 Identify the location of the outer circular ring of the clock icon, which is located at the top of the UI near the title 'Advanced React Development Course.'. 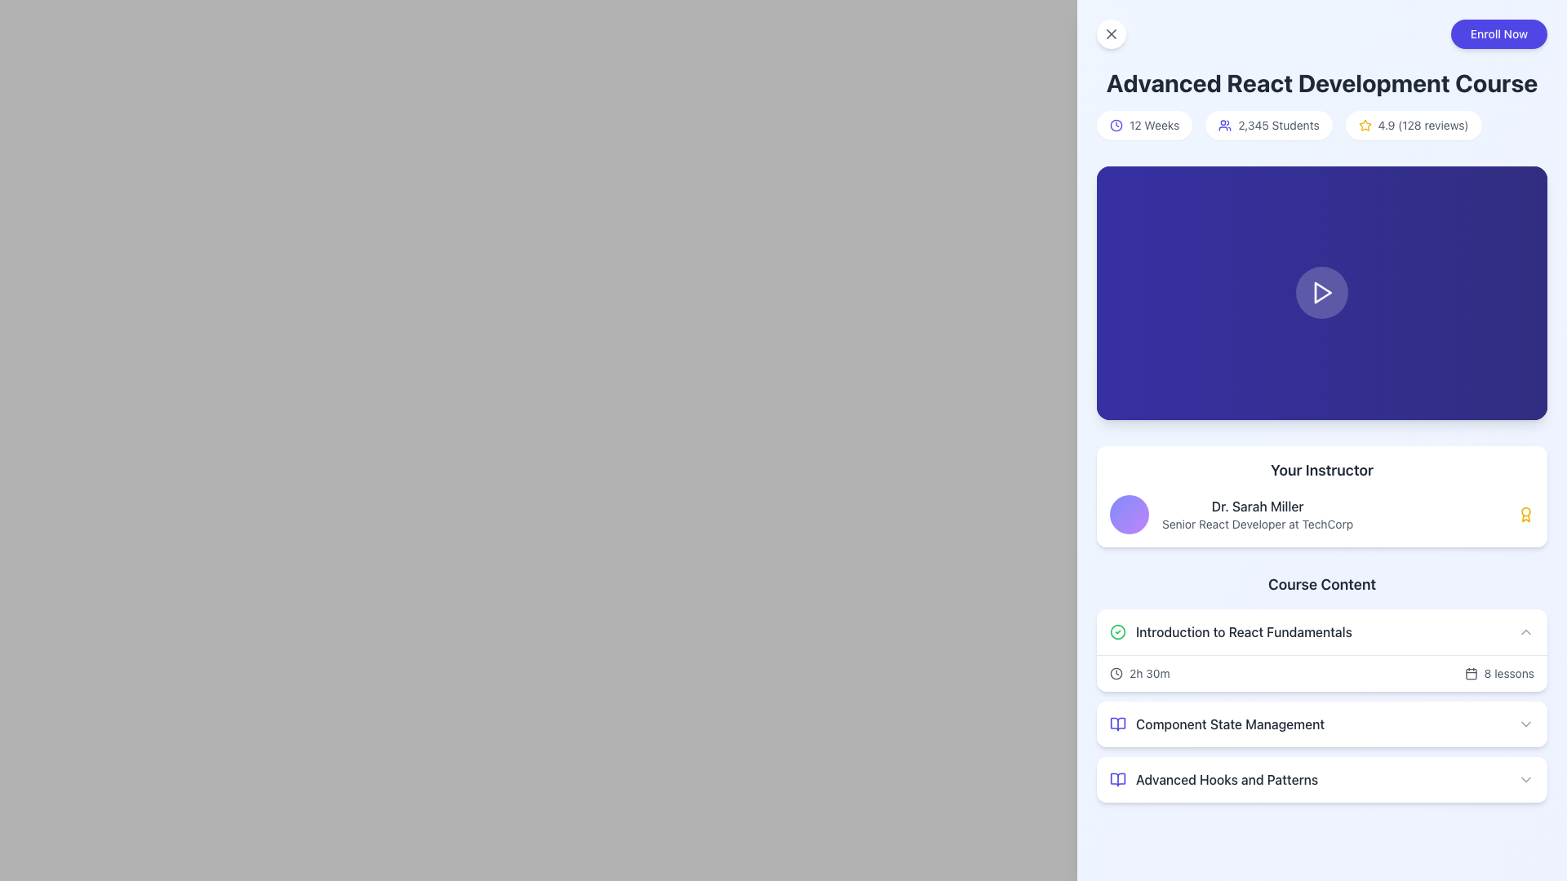
(1116, 125).